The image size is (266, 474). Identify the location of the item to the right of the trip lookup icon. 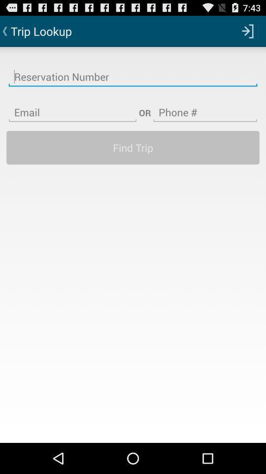
(247, 31).